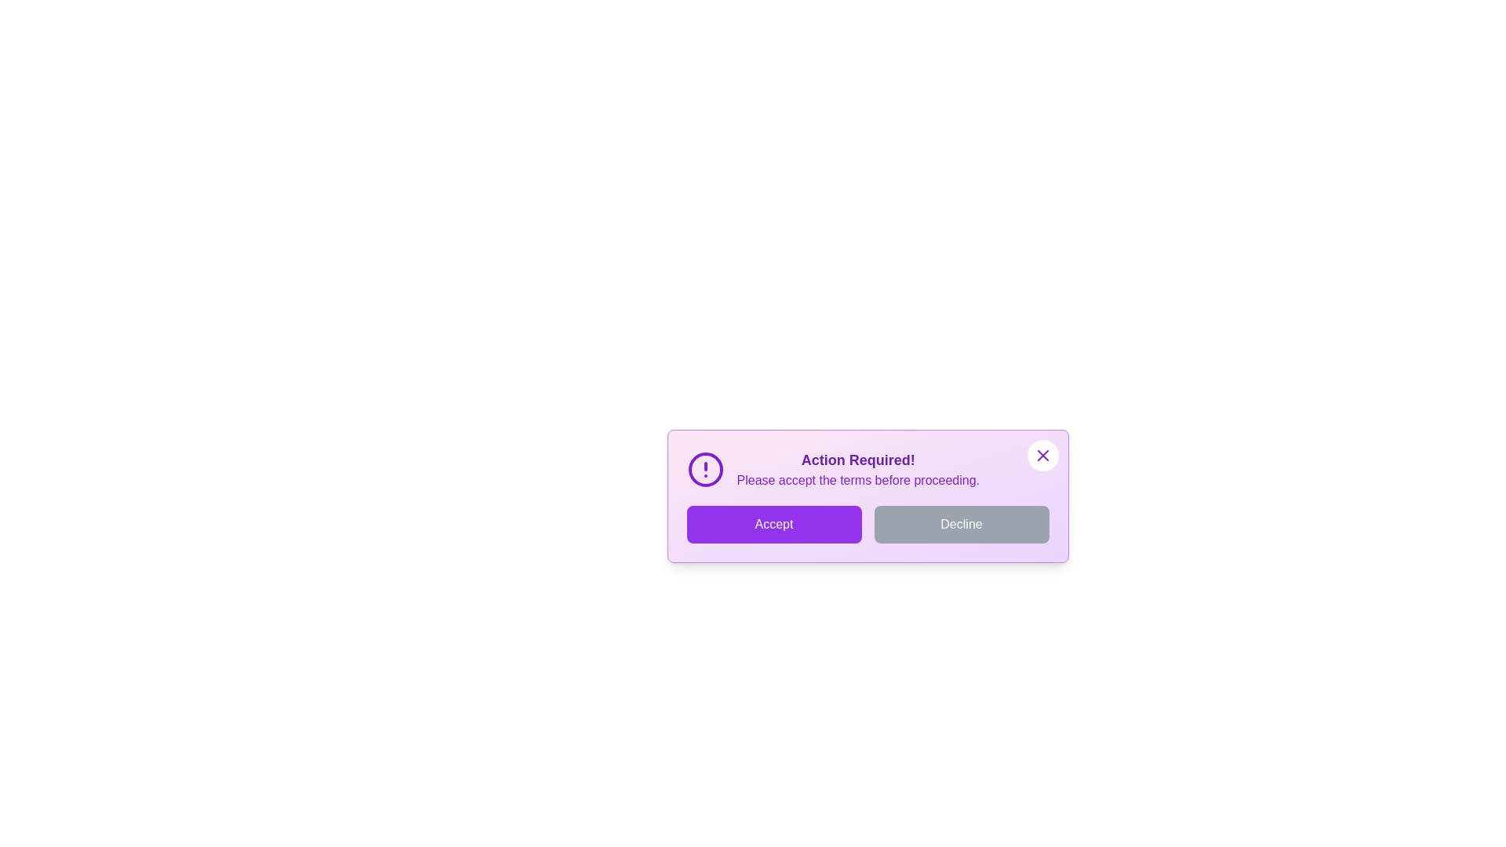  What do you see at coordinates (960, 524) in the screenshot?
I see `the 'Decline' button to close the alert` at bounding box center [960, 524].